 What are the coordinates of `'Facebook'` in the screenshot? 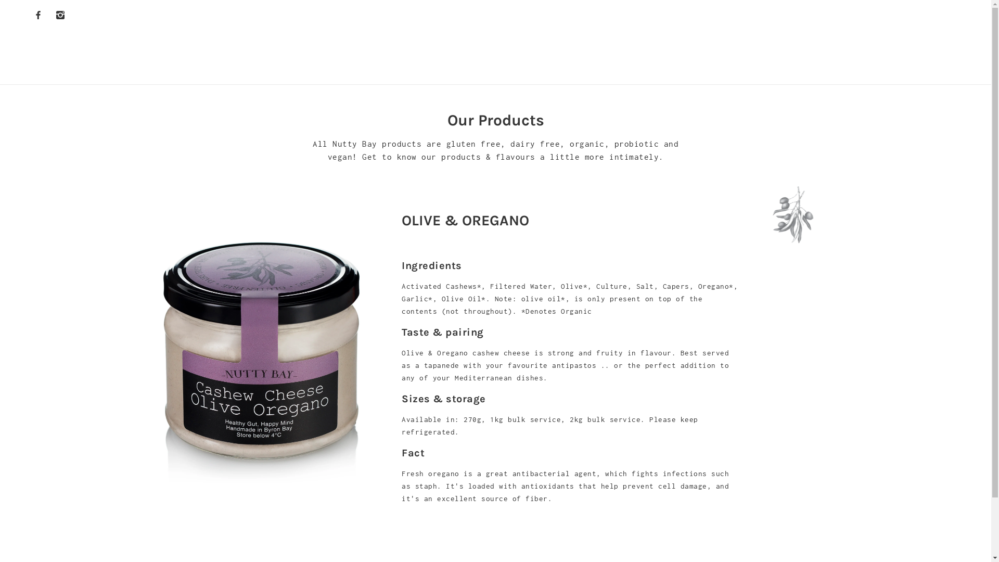 It's located at (31, 14).